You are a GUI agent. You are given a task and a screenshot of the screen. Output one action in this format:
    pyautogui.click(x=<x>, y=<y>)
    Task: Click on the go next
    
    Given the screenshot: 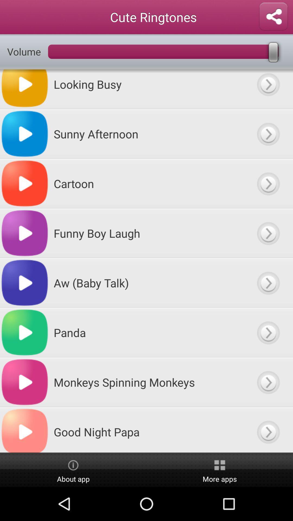 What is the action you would take?
    pyautogui.click(x=268, y=134)
    